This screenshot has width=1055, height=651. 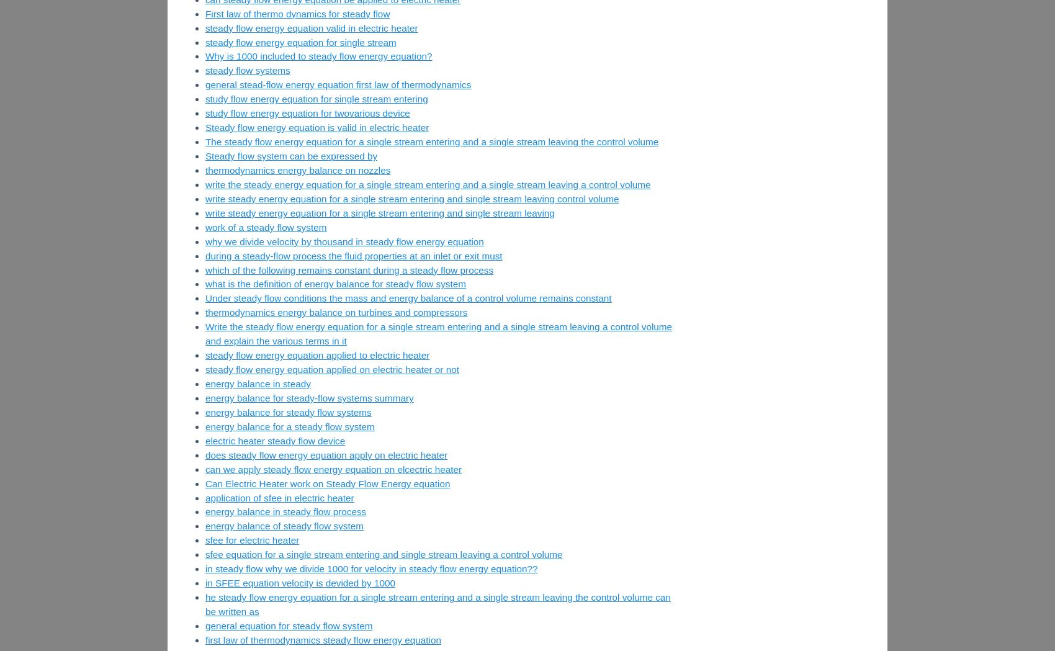 I want to click on 'steady flow energy equation for single stream', so click(x=300, y=42).